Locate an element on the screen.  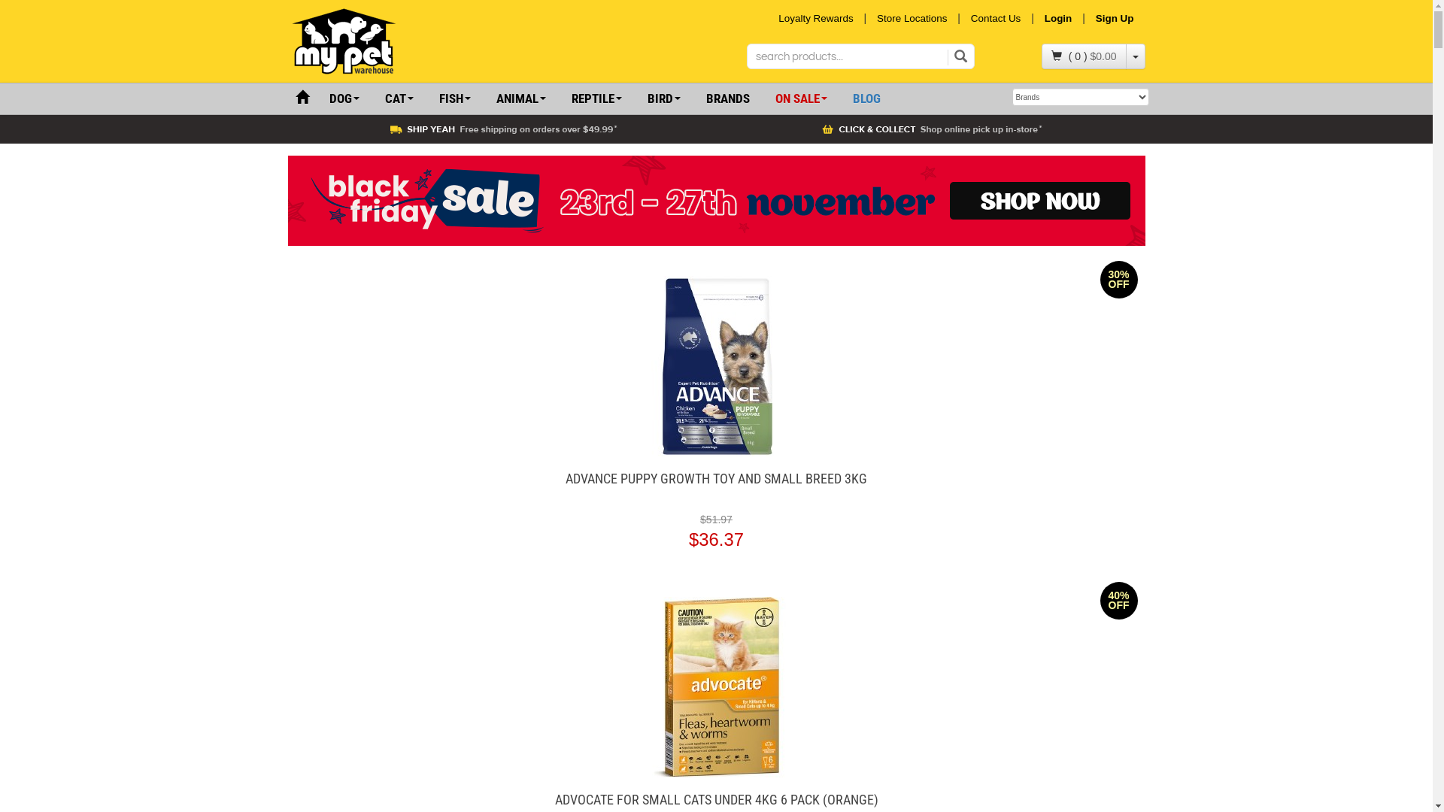
'REPTILE' is located at coordinates (595, 98).